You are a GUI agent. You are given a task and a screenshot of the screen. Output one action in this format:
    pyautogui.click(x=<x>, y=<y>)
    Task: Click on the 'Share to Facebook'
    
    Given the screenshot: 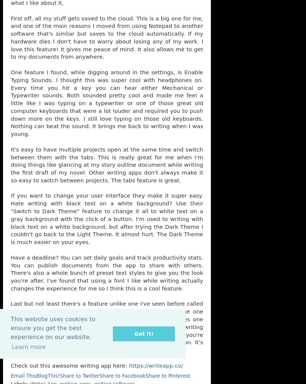 What is the action you would take?
    pyautogui.click(x=99, y=375)
    